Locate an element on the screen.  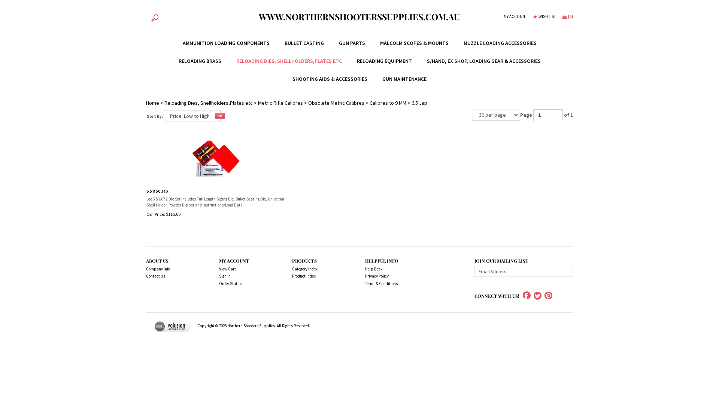
'AMMUNITION LOADING COMPONENTS' is located at coordinates (226, 43).